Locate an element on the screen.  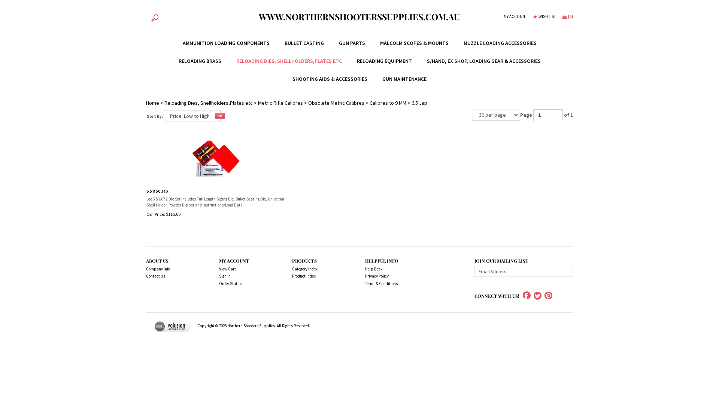
'AMMUNITION LOADING COMPONENTS' is located at coordinates (226, 43).